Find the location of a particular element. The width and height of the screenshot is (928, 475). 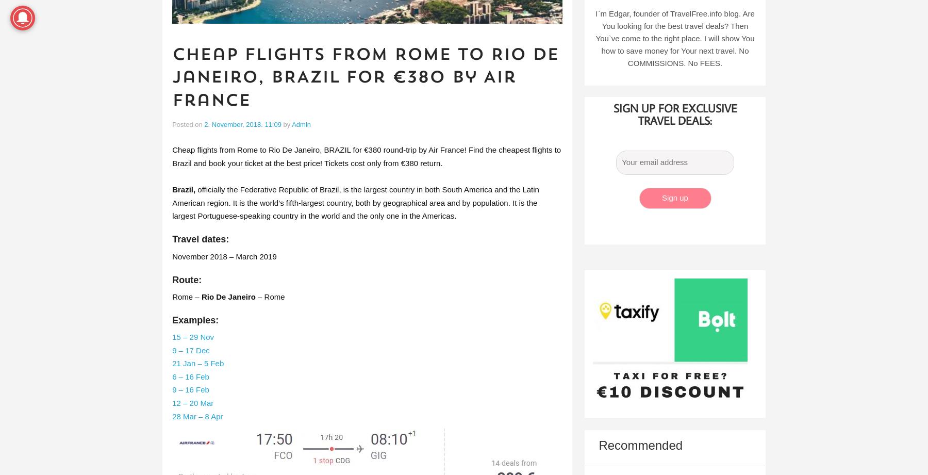

'Rome –' is located at coordinates (172, 296).